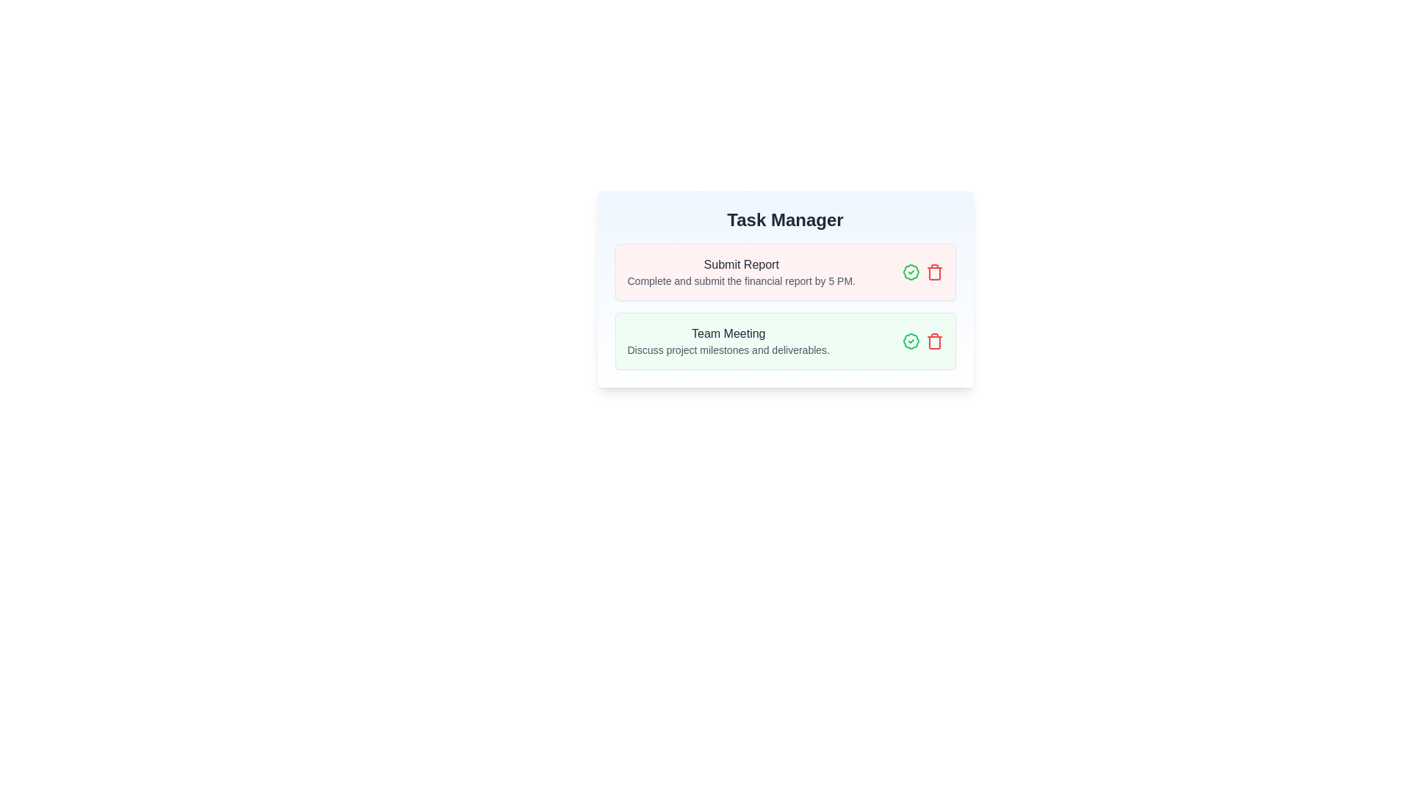 The height and width of the screenshot is (793, 1410). Describe the element at coordinates (784, 220) in the screenshot. I see `text of the Text Header element, which serves as the title for the task management interface located at the top center of the card component` at that location.